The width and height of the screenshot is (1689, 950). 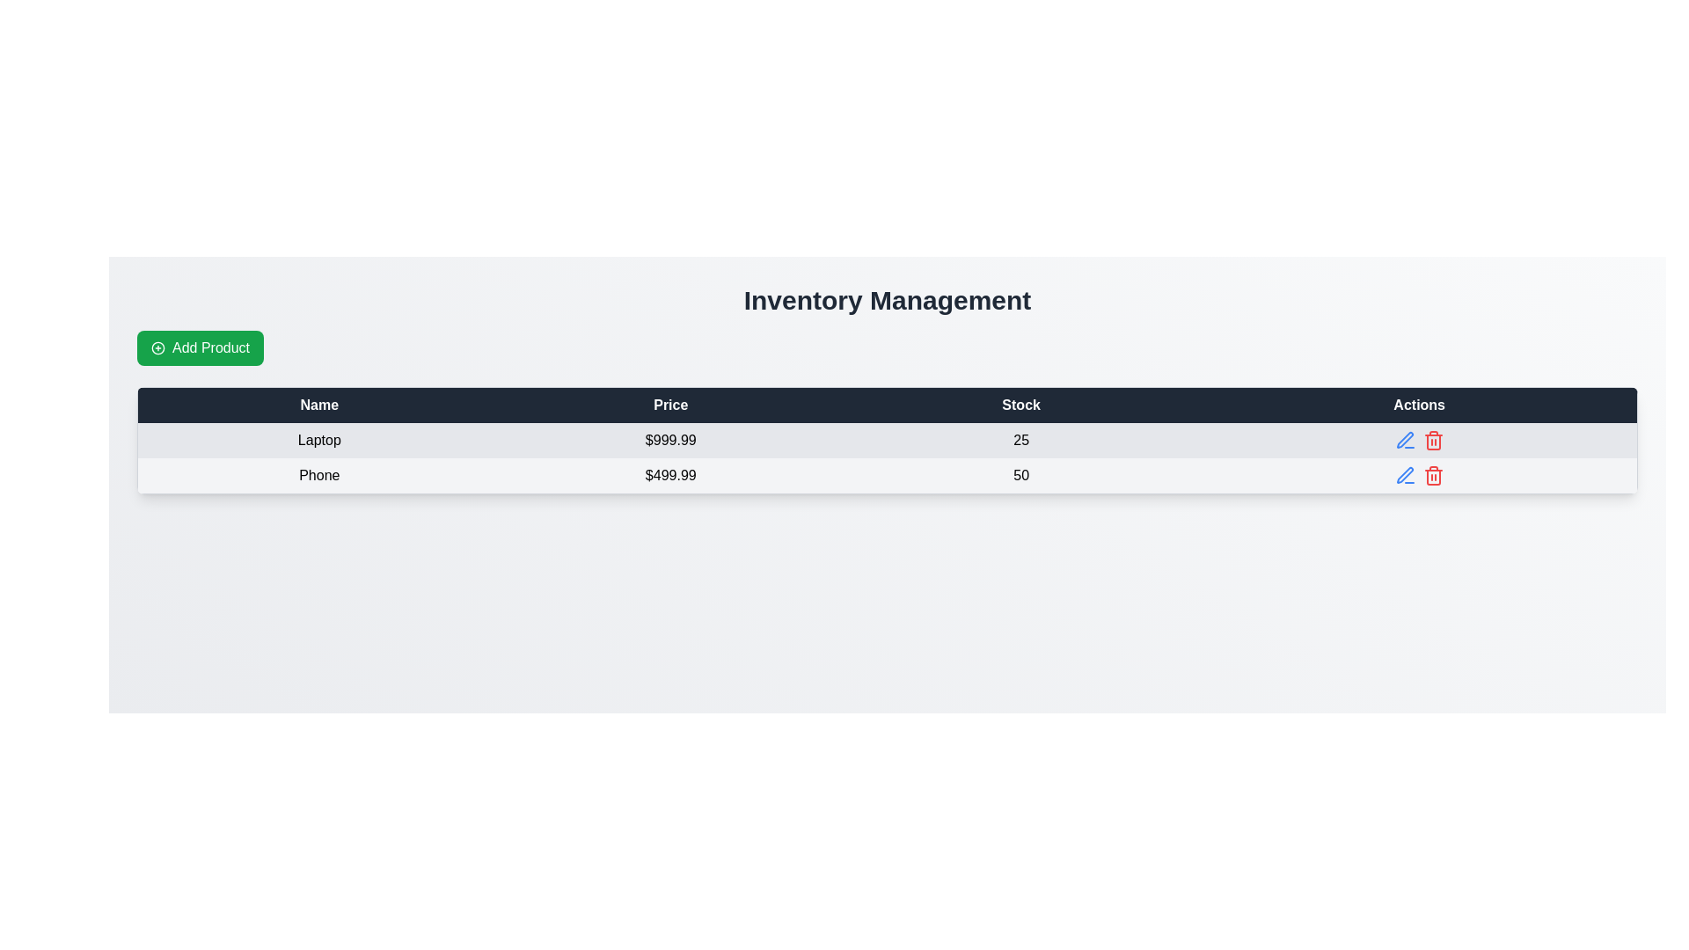 I want to click on the first two rows of the inventory table displaying products 'Laptop' and 'Phone' with their prices and stock levels, so click(x=887, y=457).